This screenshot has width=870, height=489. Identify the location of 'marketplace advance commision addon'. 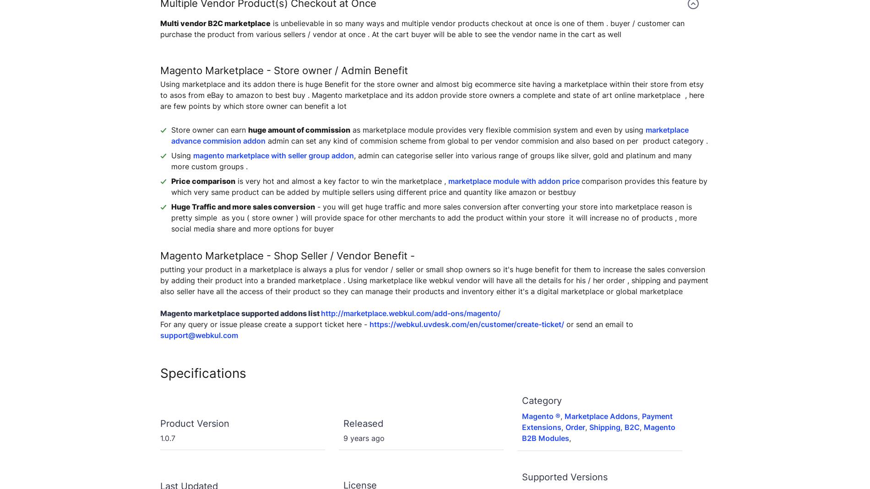
(429, 135).